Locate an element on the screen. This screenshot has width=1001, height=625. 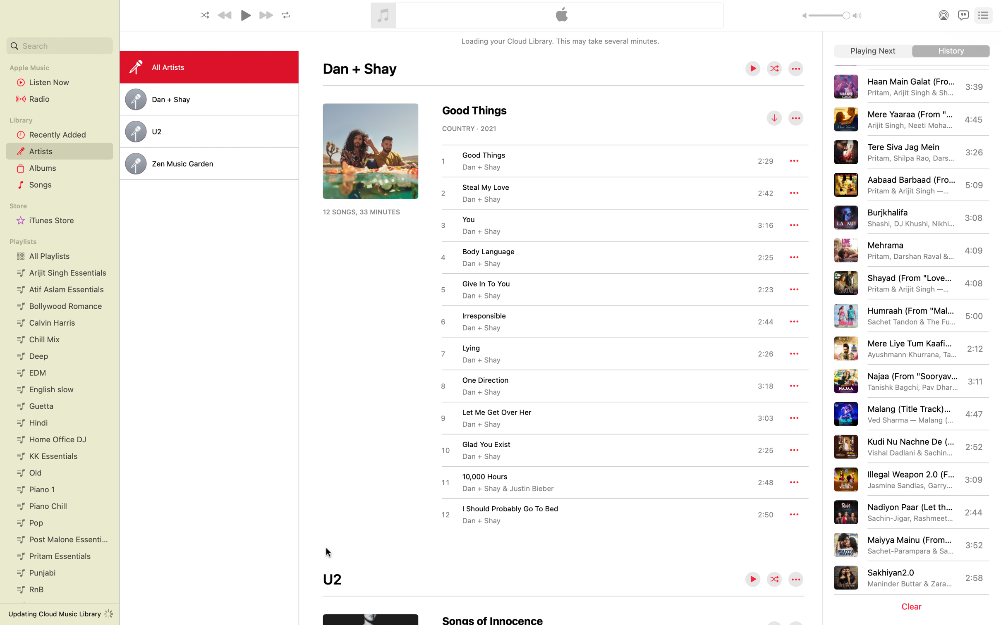
the track record of all played songs is located at coordinates (951, 51).